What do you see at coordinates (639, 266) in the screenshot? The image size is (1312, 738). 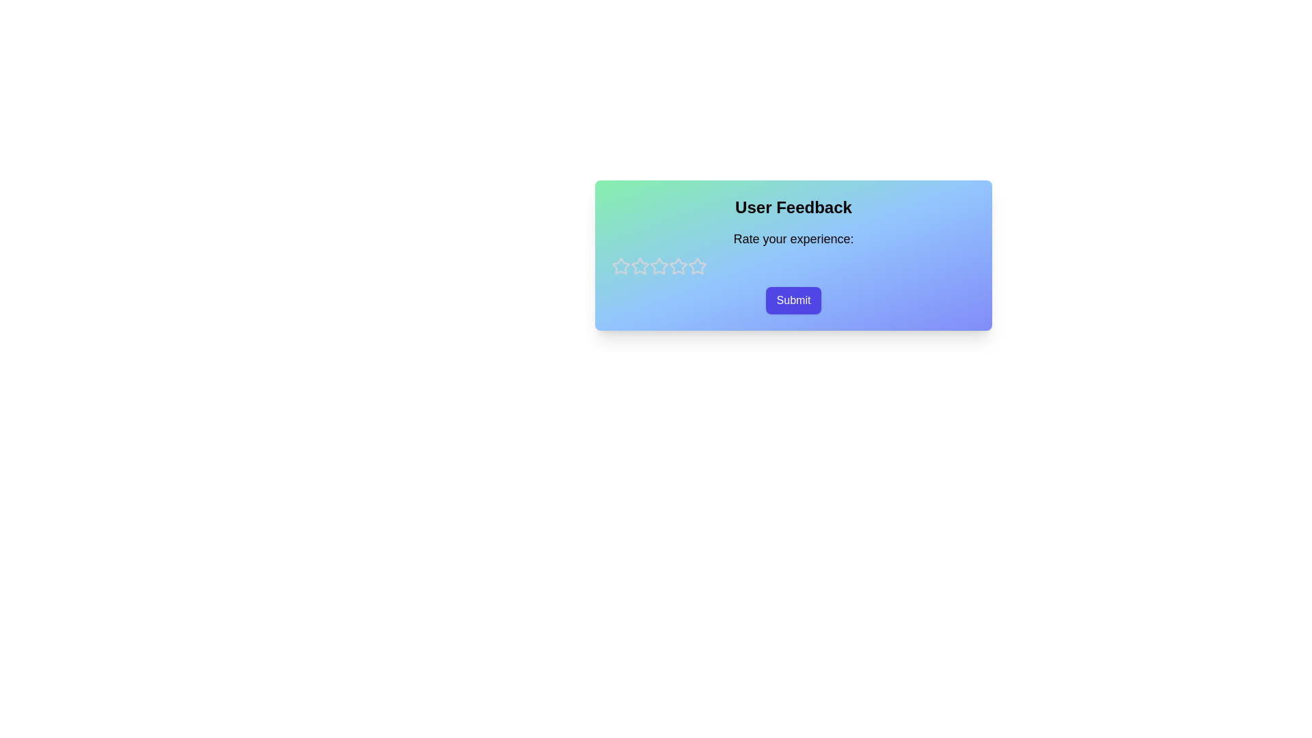 I see `across the second star icon in the horizontal sequence of rating stars` at bounding box center [639, 266].